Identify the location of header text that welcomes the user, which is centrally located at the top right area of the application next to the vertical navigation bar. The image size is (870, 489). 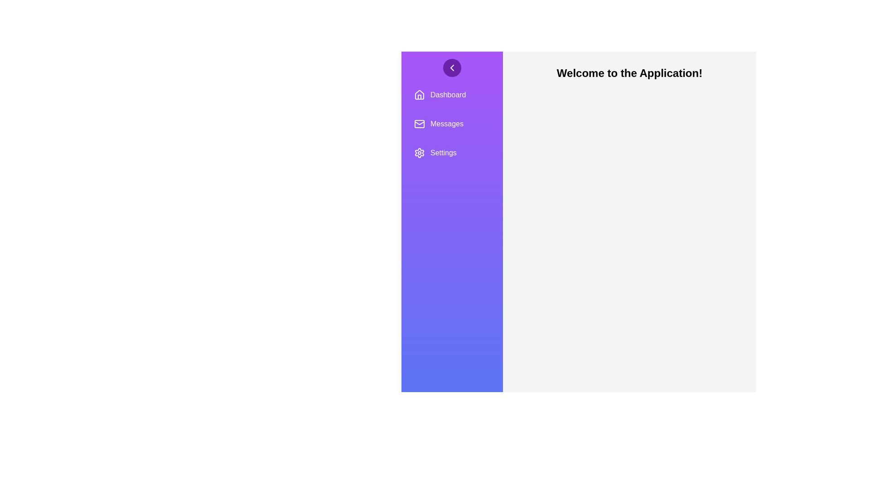
(629, 73).